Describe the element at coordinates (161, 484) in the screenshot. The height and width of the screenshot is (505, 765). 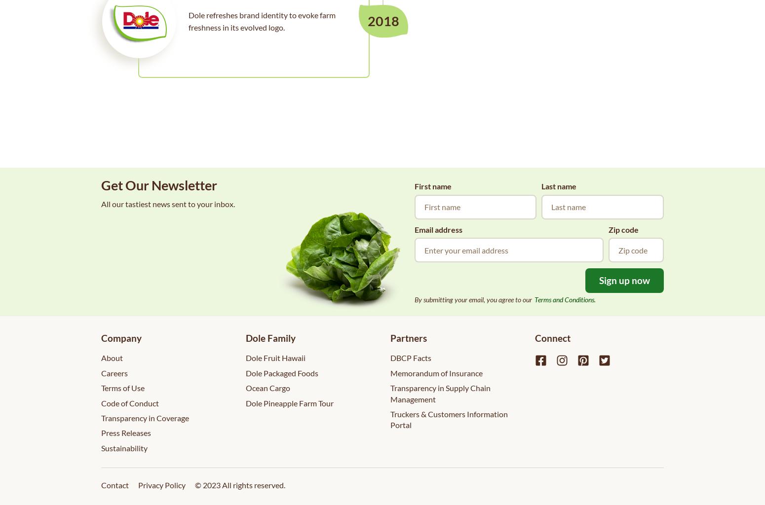
I see `'Privacy Policy'` at that location.